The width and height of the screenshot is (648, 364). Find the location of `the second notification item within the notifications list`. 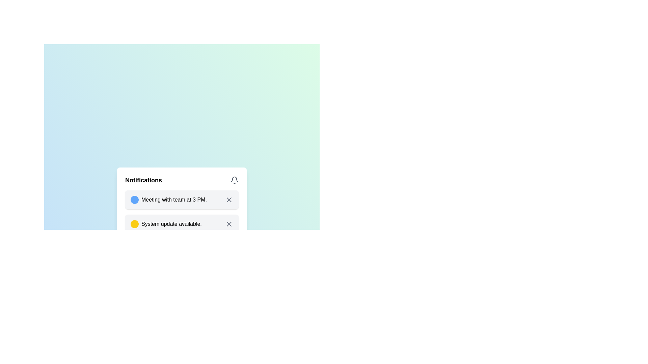

the second notification item within the notifications list is located at coordinates (182, 226).